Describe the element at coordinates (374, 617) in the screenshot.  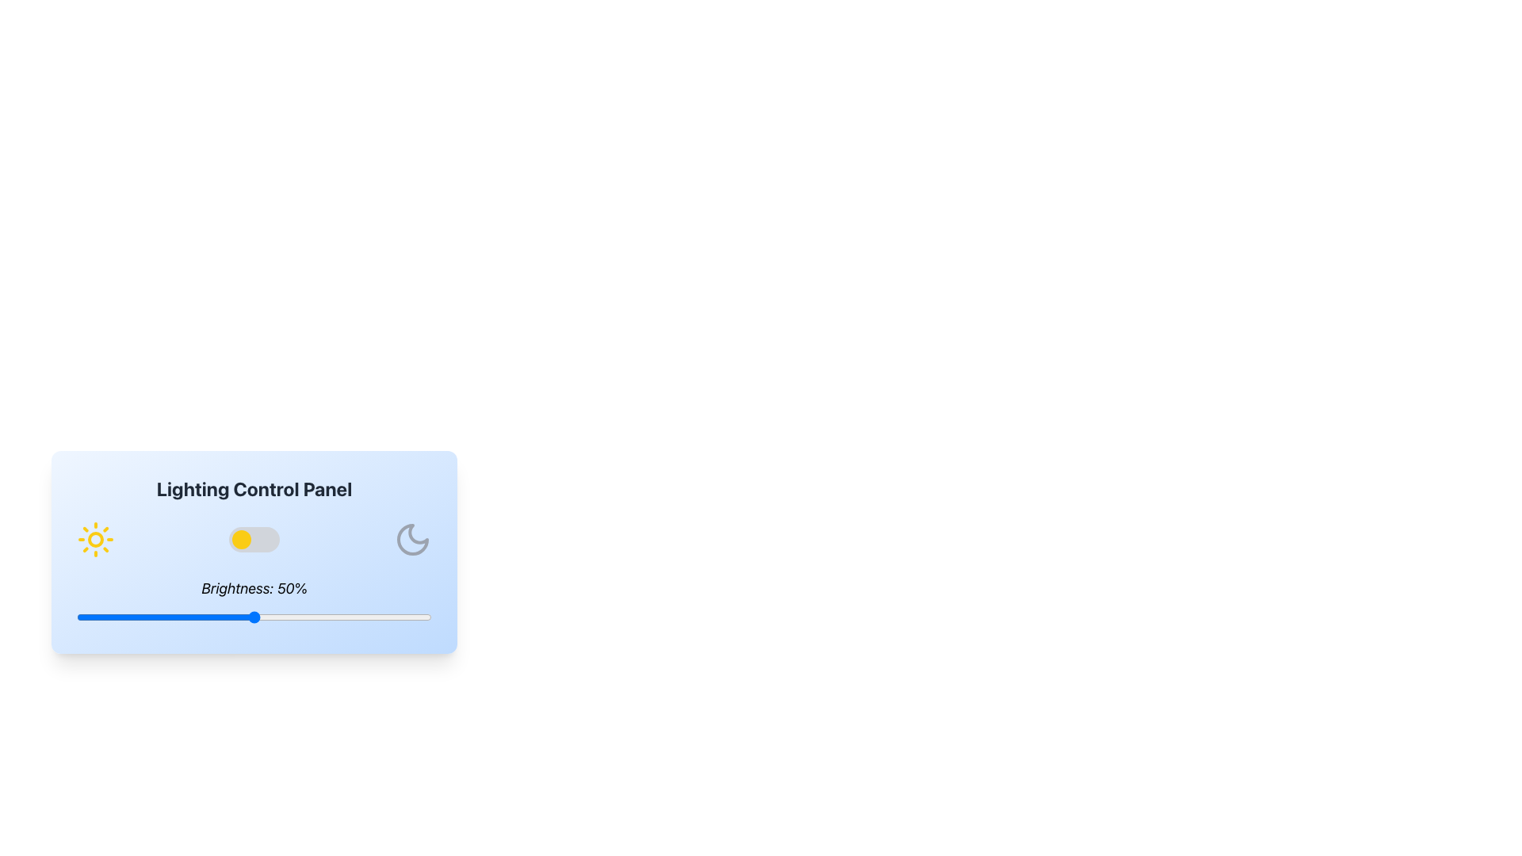
I see `the brightness level` at that location.